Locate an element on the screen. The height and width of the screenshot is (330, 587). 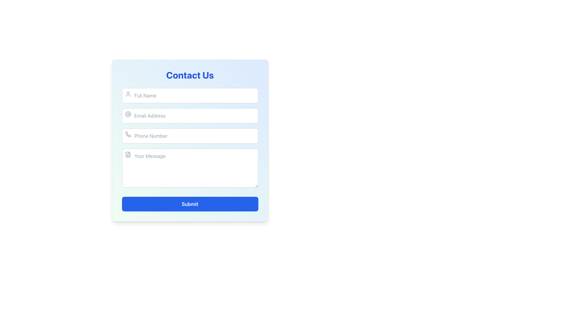
the decorative SVG icon indicative of file attachment functionality, located at the top-left corner of the 'Your Message' input box is located at coordinates (127, 154).